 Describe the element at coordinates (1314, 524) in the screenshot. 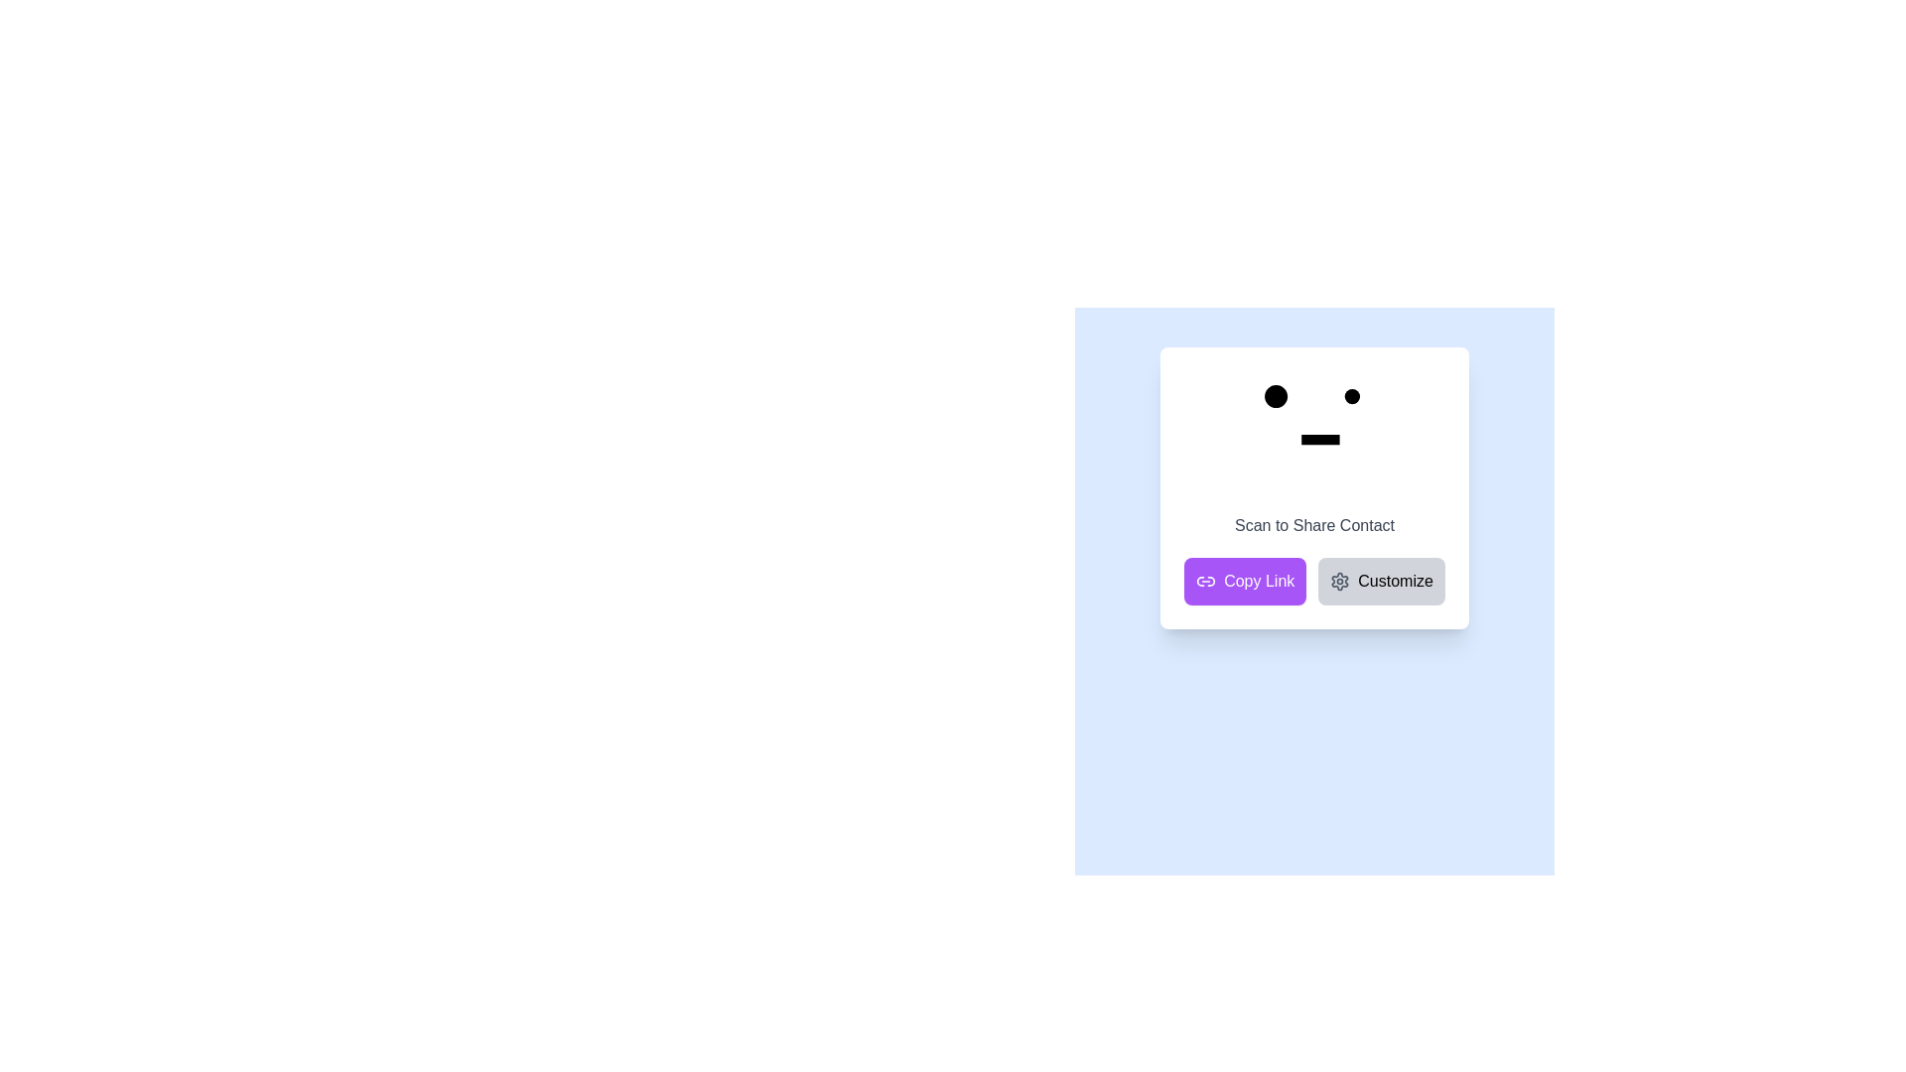

I see `the Text Label that serves as a descriptive title or instruction for the QR code, positioned below the face-like icon and above the 'Copy Link' and 'Customize' buttons` at that location.